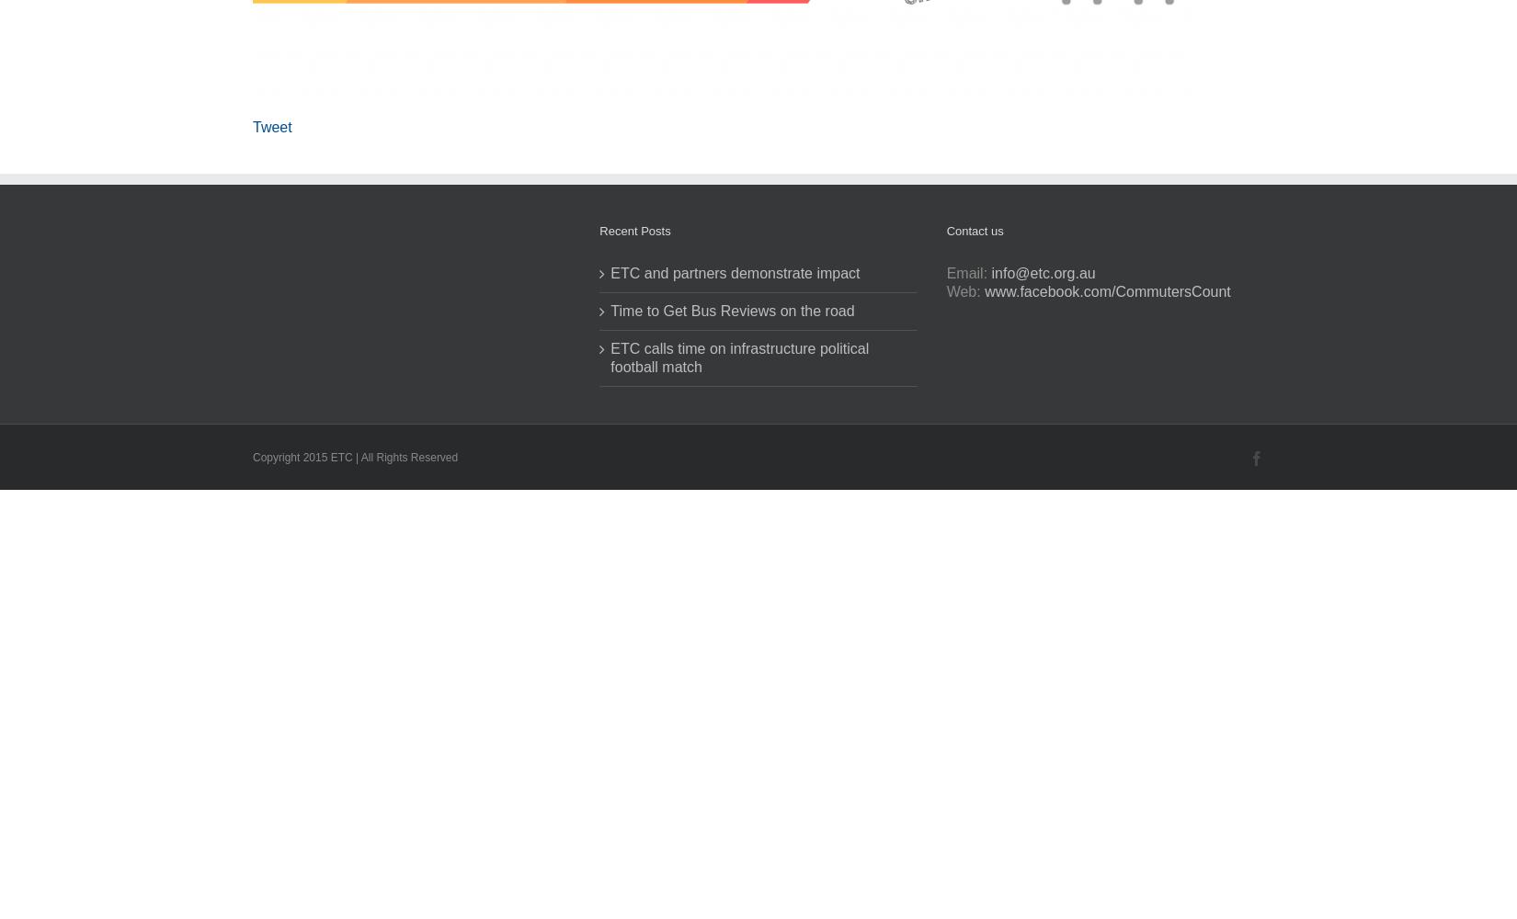 The image size is (1517, 919). I want to click on 'Contact us', so click(974, 231).